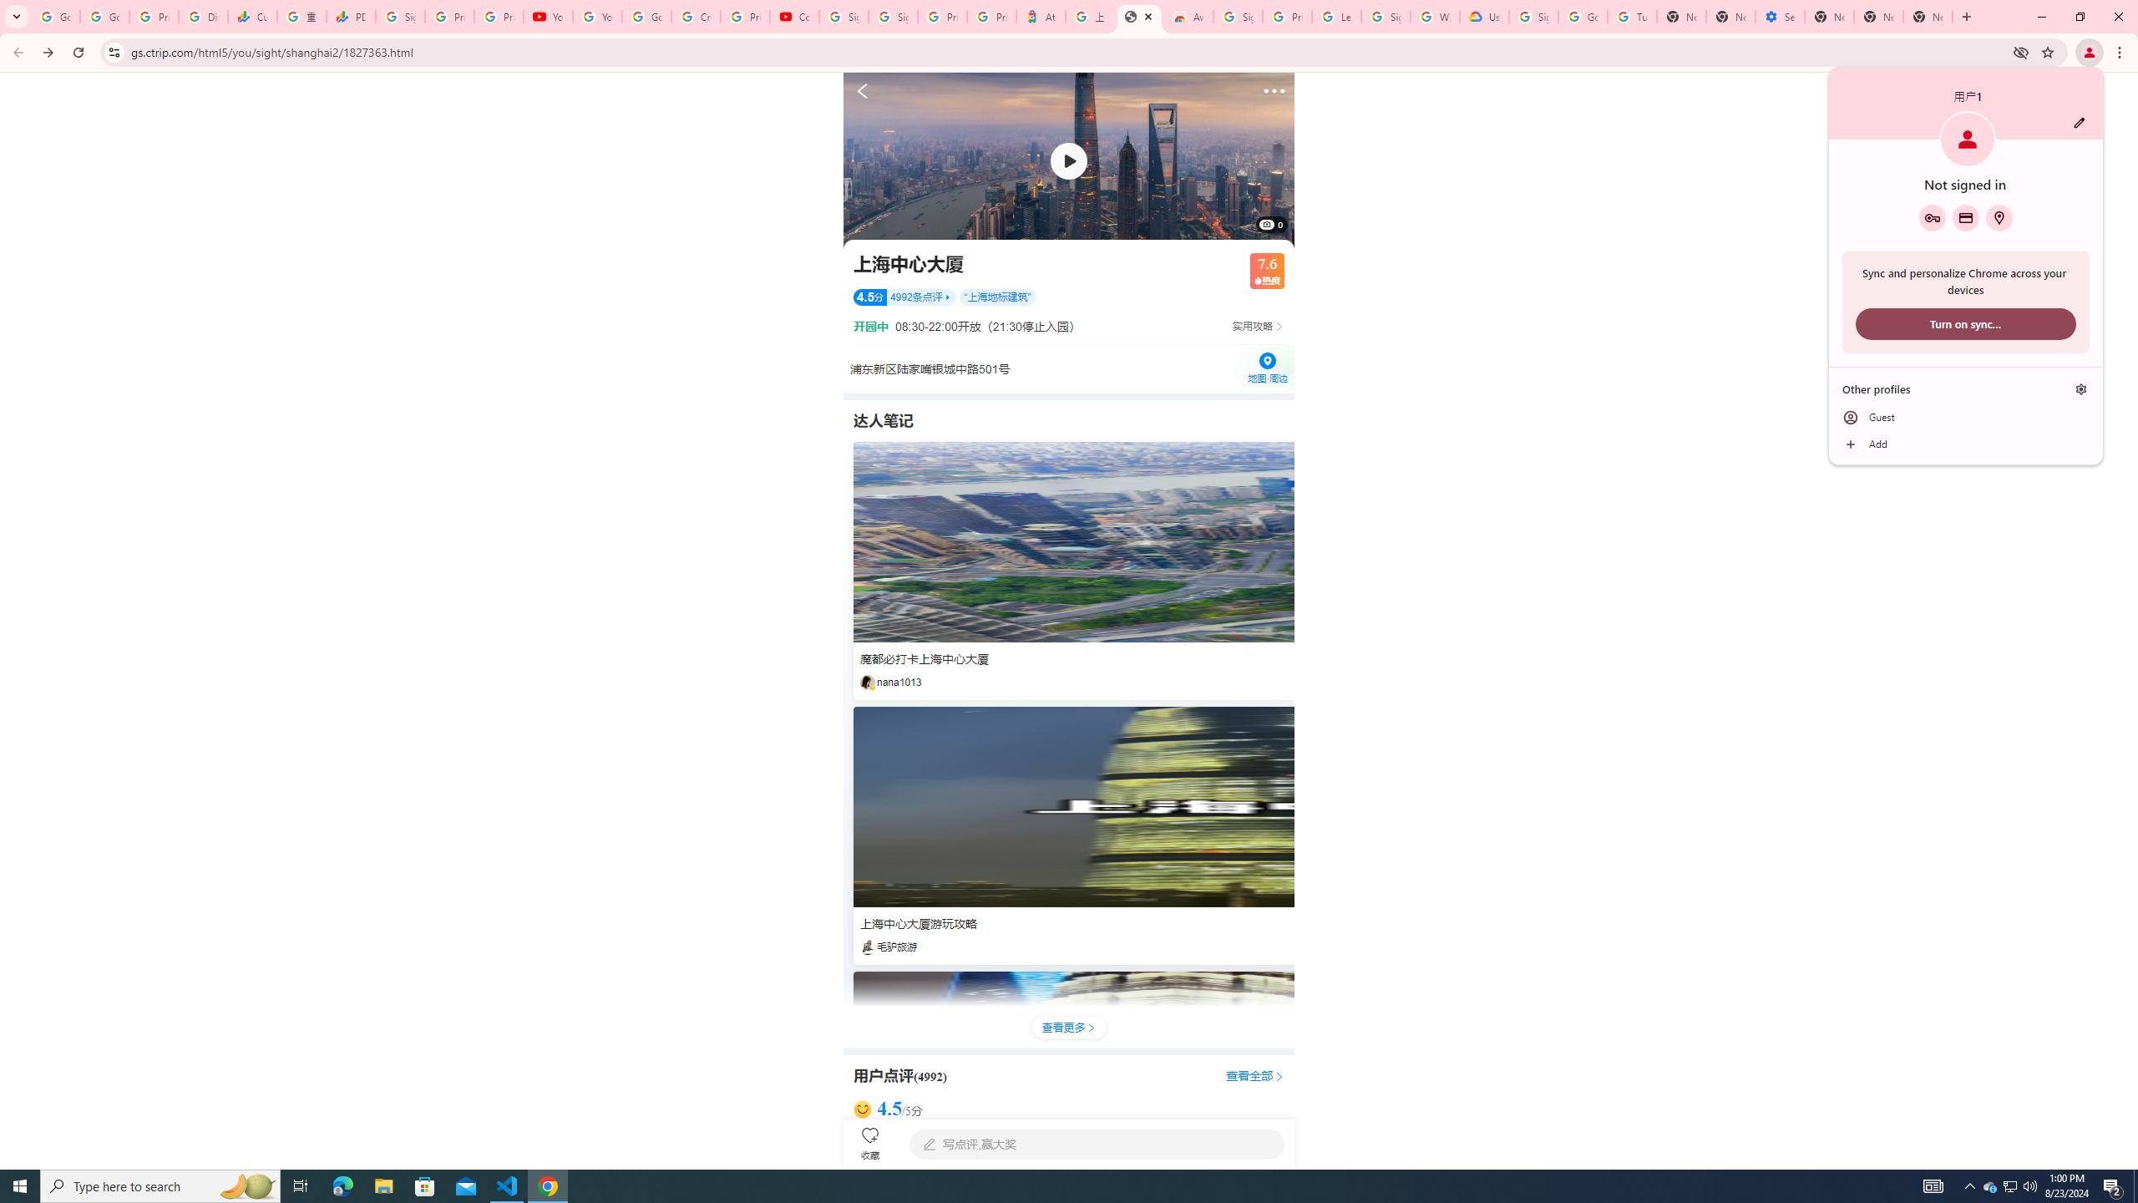 The height and width of the screenshot is (1203, 2138). I want to click on 'To get missing image descriptions, open the context menu.', so click(1069, 160).